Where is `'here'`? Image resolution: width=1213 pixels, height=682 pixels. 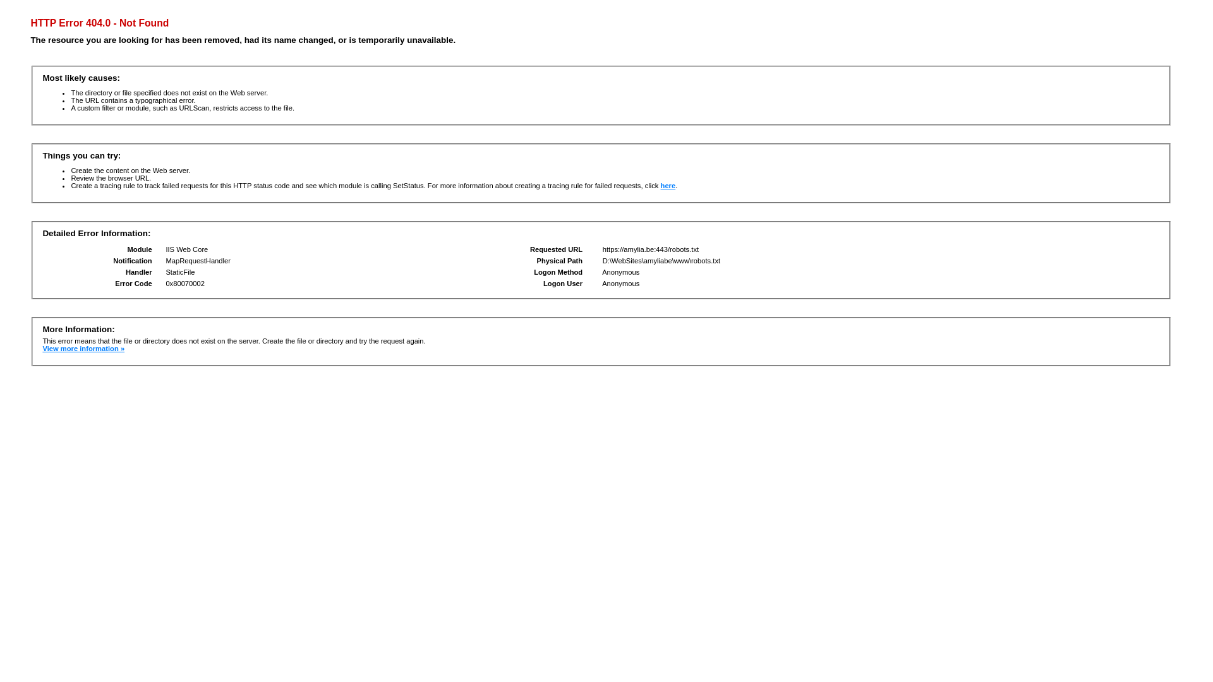 'here' is located at coordinates (667, 185).